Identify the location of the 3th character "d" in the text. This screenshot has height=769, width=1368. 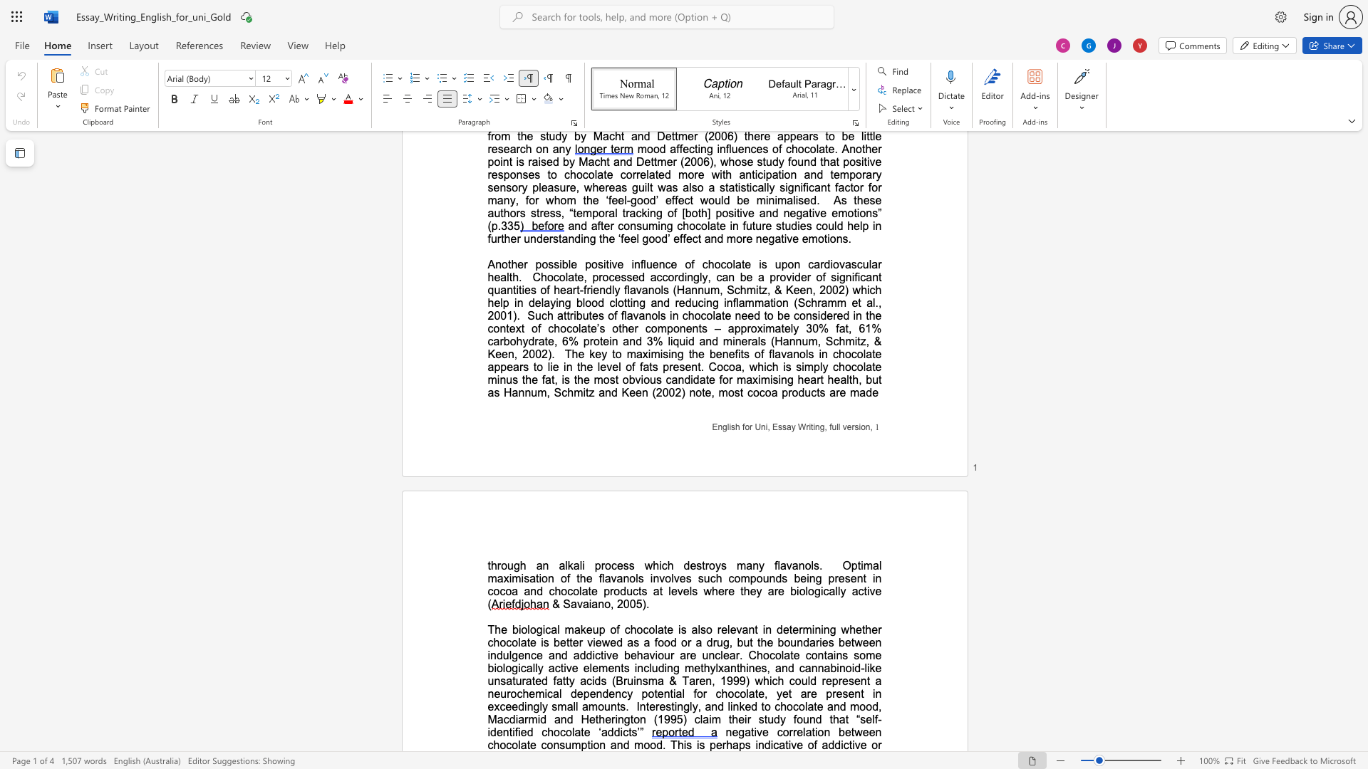
(623, 591).